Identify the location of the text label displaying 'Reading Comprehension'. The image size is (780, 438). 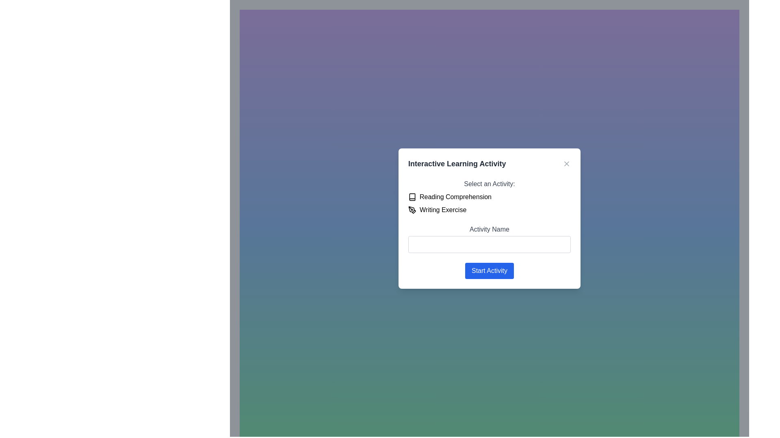
(455, 197).